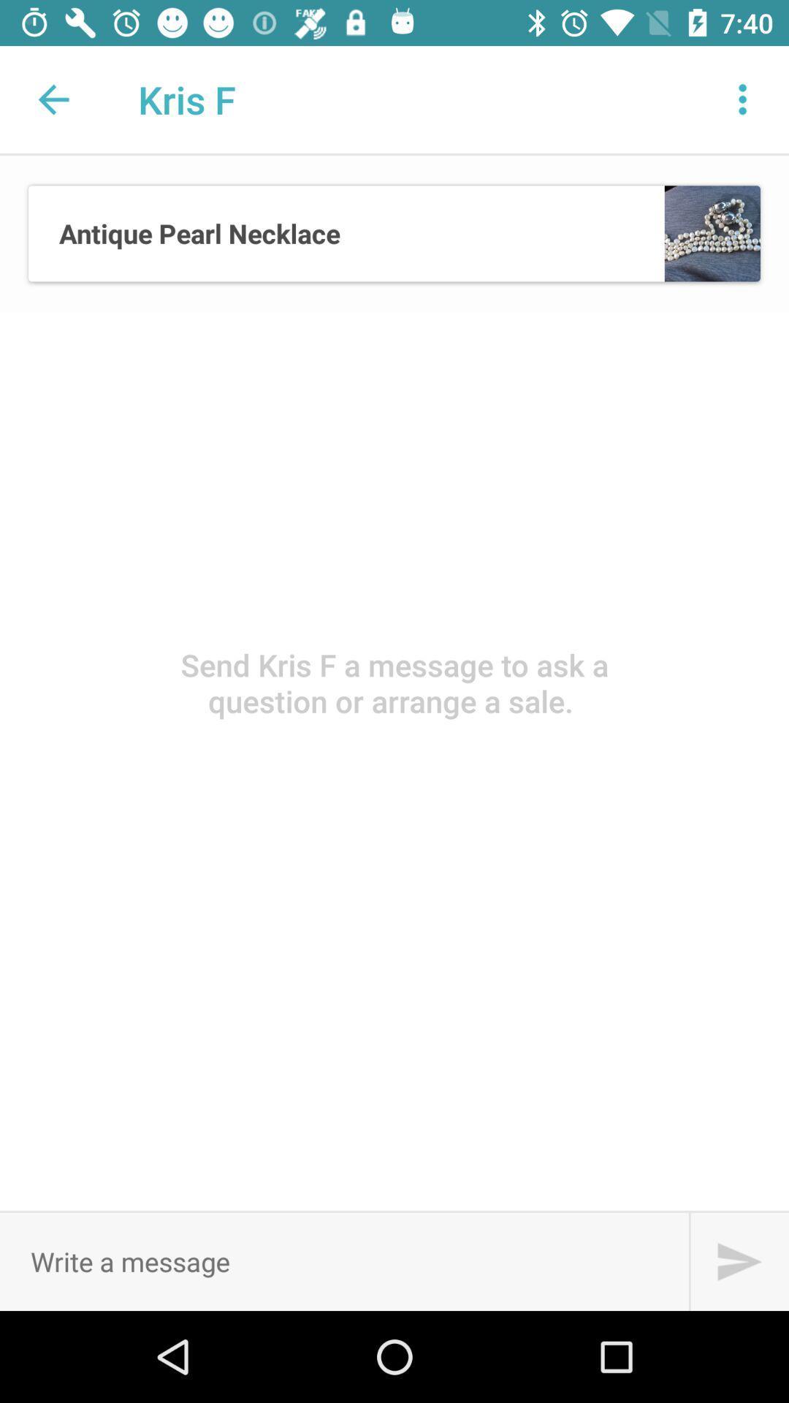 This screenshot has height=1403, width=789. What do you see at coordinates (344, 1261) in the screenshot?
I see `typeing box` at bounding box center [344, 1261].